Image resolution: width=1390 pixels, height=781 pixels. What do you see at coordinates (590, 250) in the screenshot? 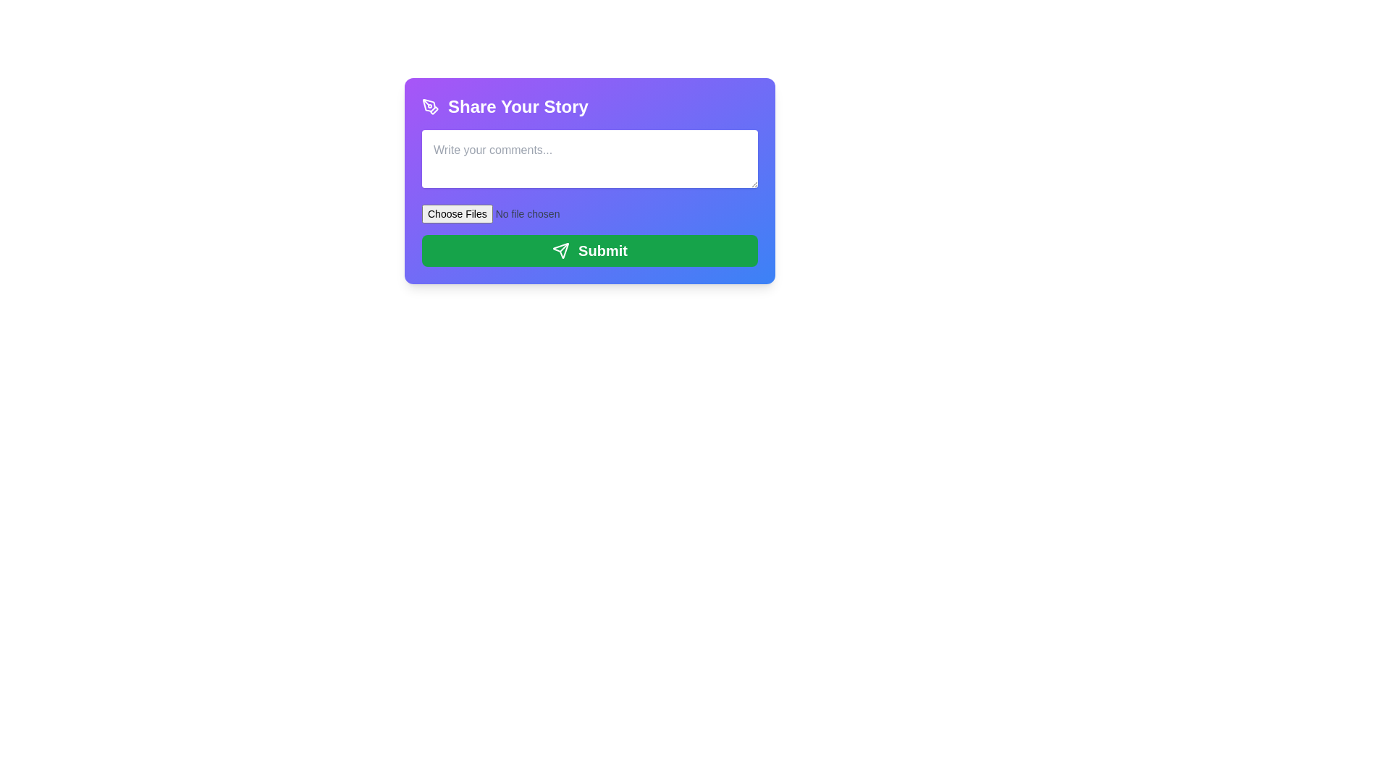
I see `the submit button located at the bottom of the card with a purple-to-blue gradient background` at bounding box center [590, 250].